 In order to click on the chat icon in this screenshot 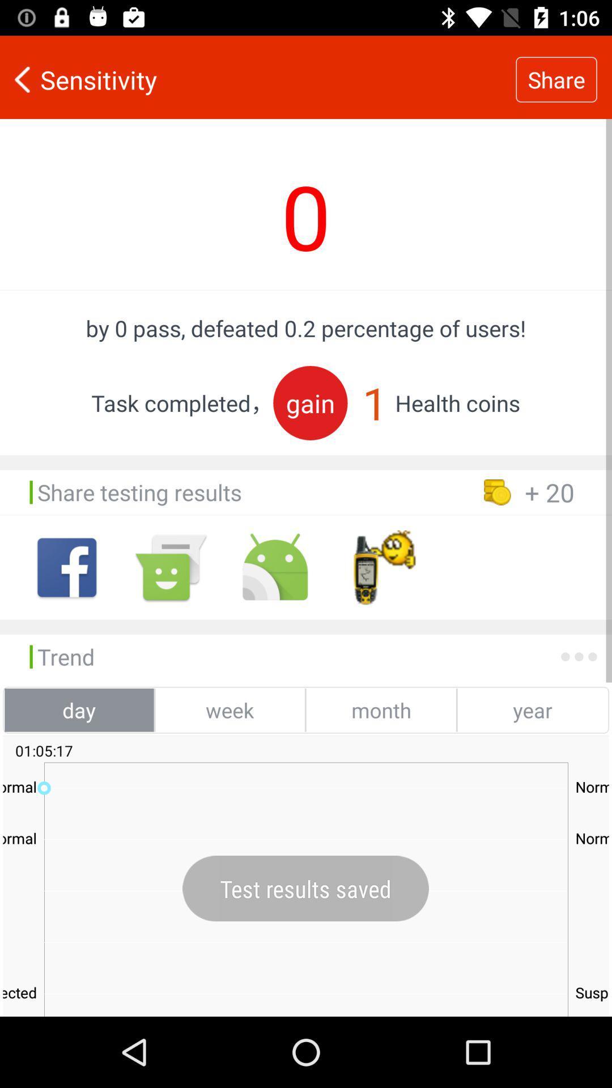, I will do `click(171, 567)`.